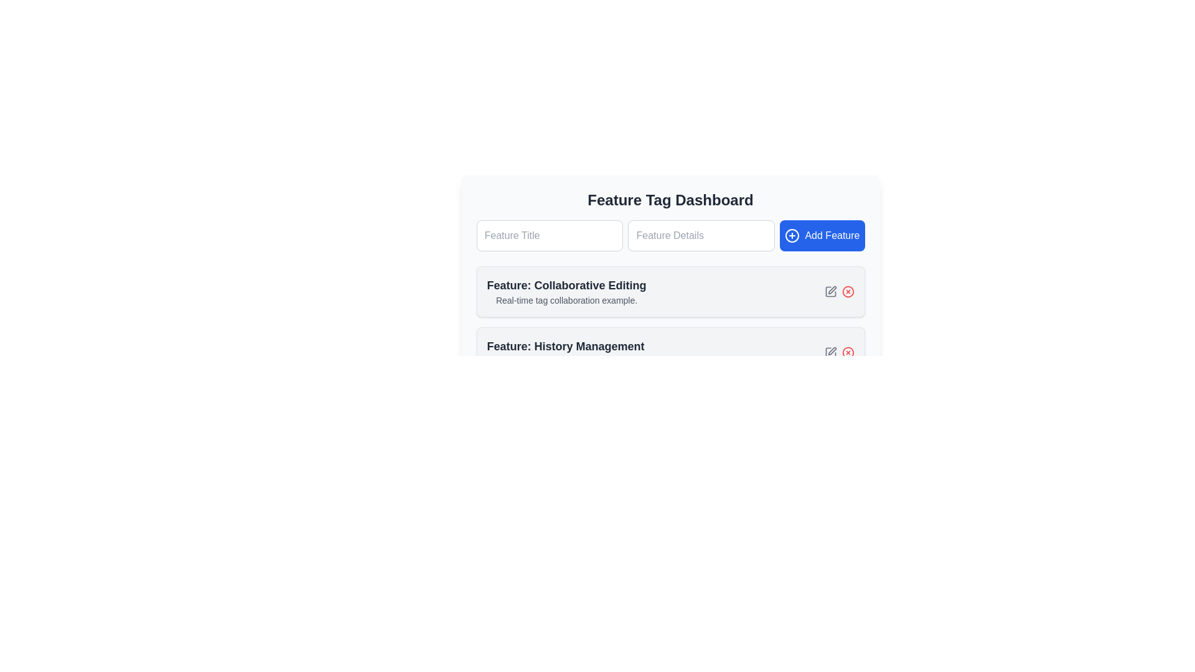 The image size is (1195, 672). Describe the element at coordinates (847, 353) in the screenshot. I see `the delete button located in the bottom-right corner of the second row of the list` at that location.